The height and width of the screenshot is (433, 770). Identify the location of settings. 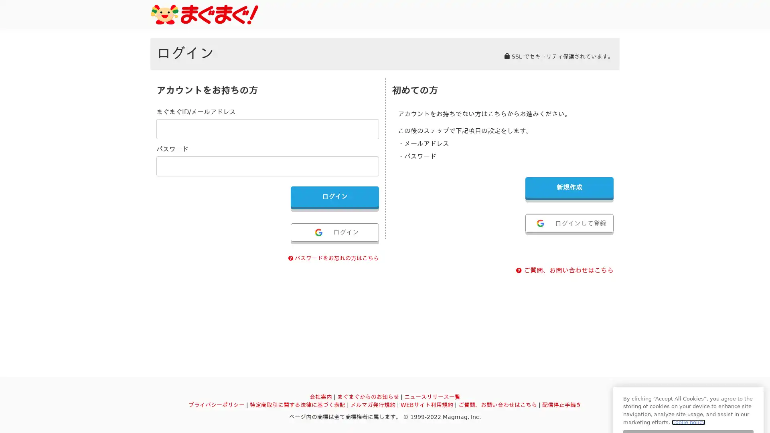
(688, 417).